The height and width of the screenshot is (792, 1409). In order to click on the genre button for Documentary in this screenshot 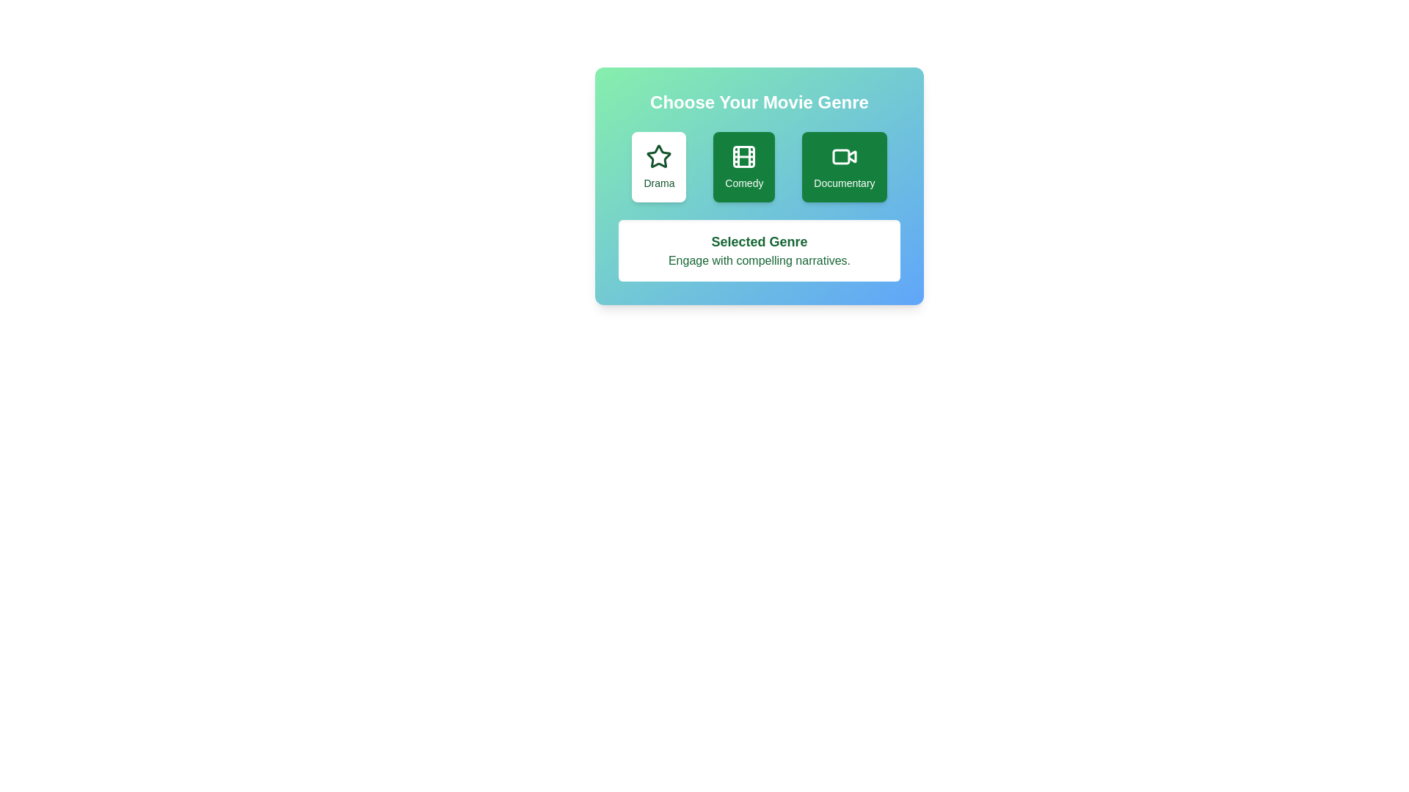, I will do `click(844, 166)`.